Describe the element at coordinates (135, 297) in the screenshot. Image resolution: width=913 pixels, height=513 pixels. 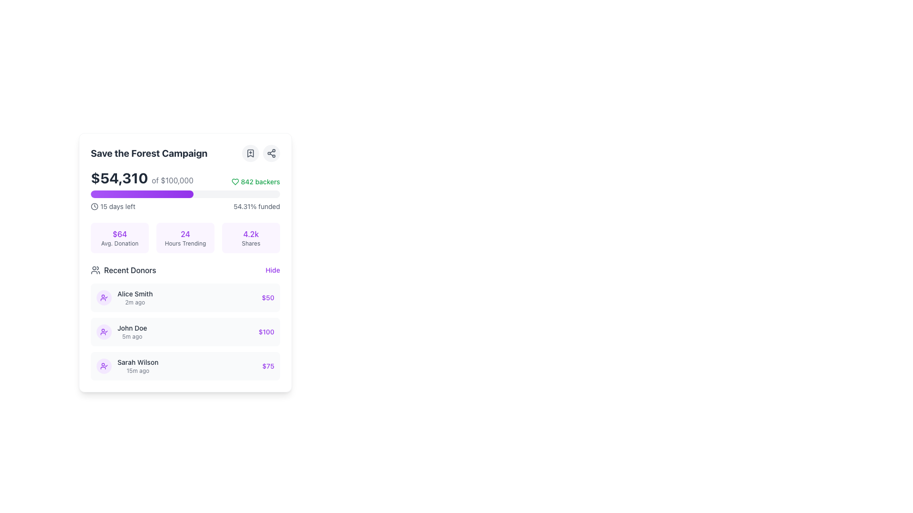
I see `the text label displaying the donor's name and donation time, which is the first entry in the 'Recent Donors' list, located within a white card and next to a purple user profile icon` at that location.